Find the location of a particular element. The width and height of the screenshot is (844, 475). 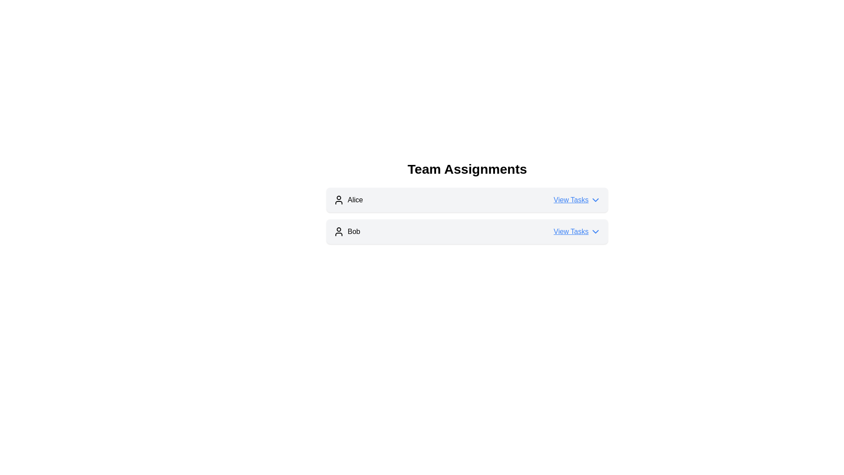

the user name text label located in the second row under 'Team Assignments', positioned is located at coordinates (354, 231).